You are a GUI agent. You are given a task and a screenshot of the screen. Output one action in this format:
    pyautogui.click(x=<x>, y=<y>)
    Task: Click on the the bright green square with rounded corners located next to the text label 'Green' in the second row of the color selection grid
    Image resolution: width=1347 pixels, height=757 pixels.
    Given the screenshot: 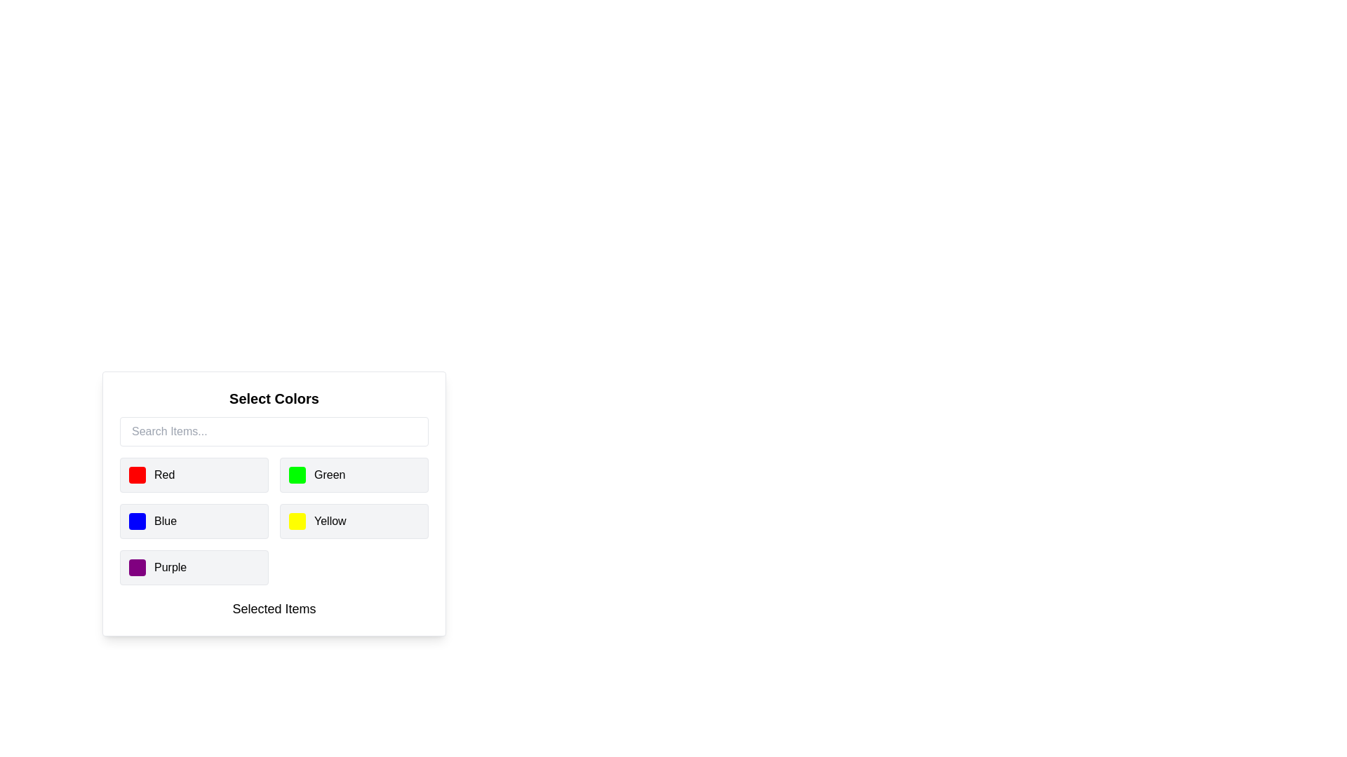 What is the action you would take?
    pyautogui.click(x=296, y=475)
    